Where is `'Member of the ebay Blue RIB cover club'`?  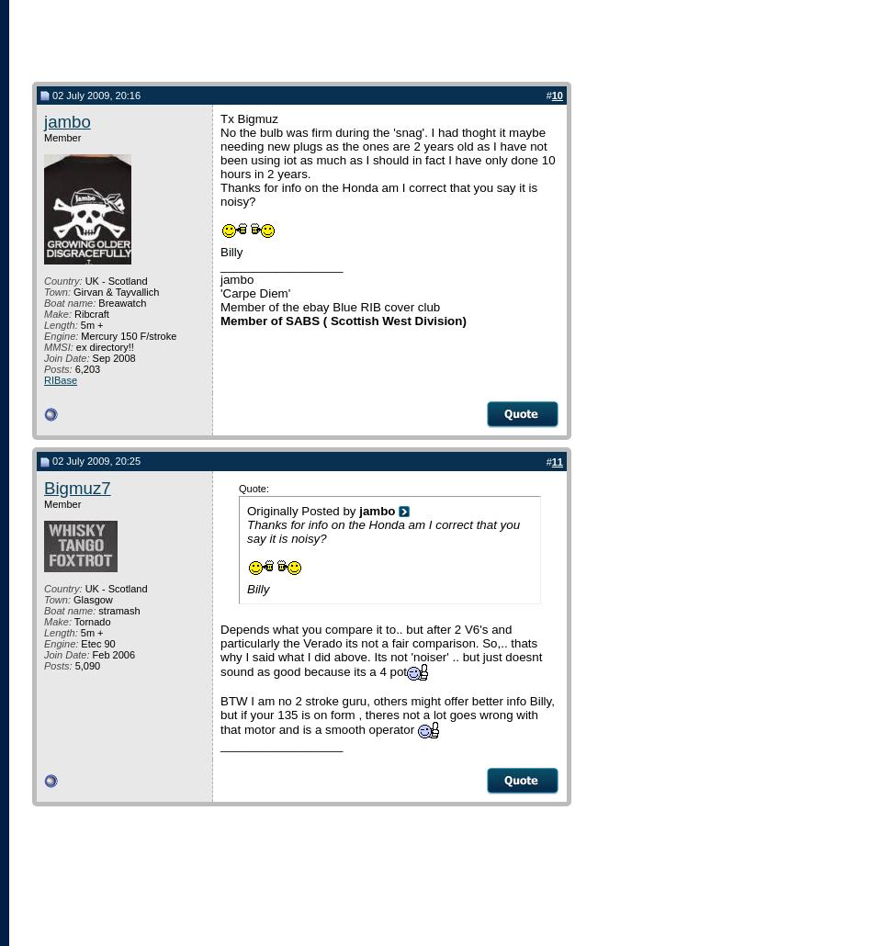 'Member of the ebay Blue RIB cover club' is located at coordinates (329, 306).